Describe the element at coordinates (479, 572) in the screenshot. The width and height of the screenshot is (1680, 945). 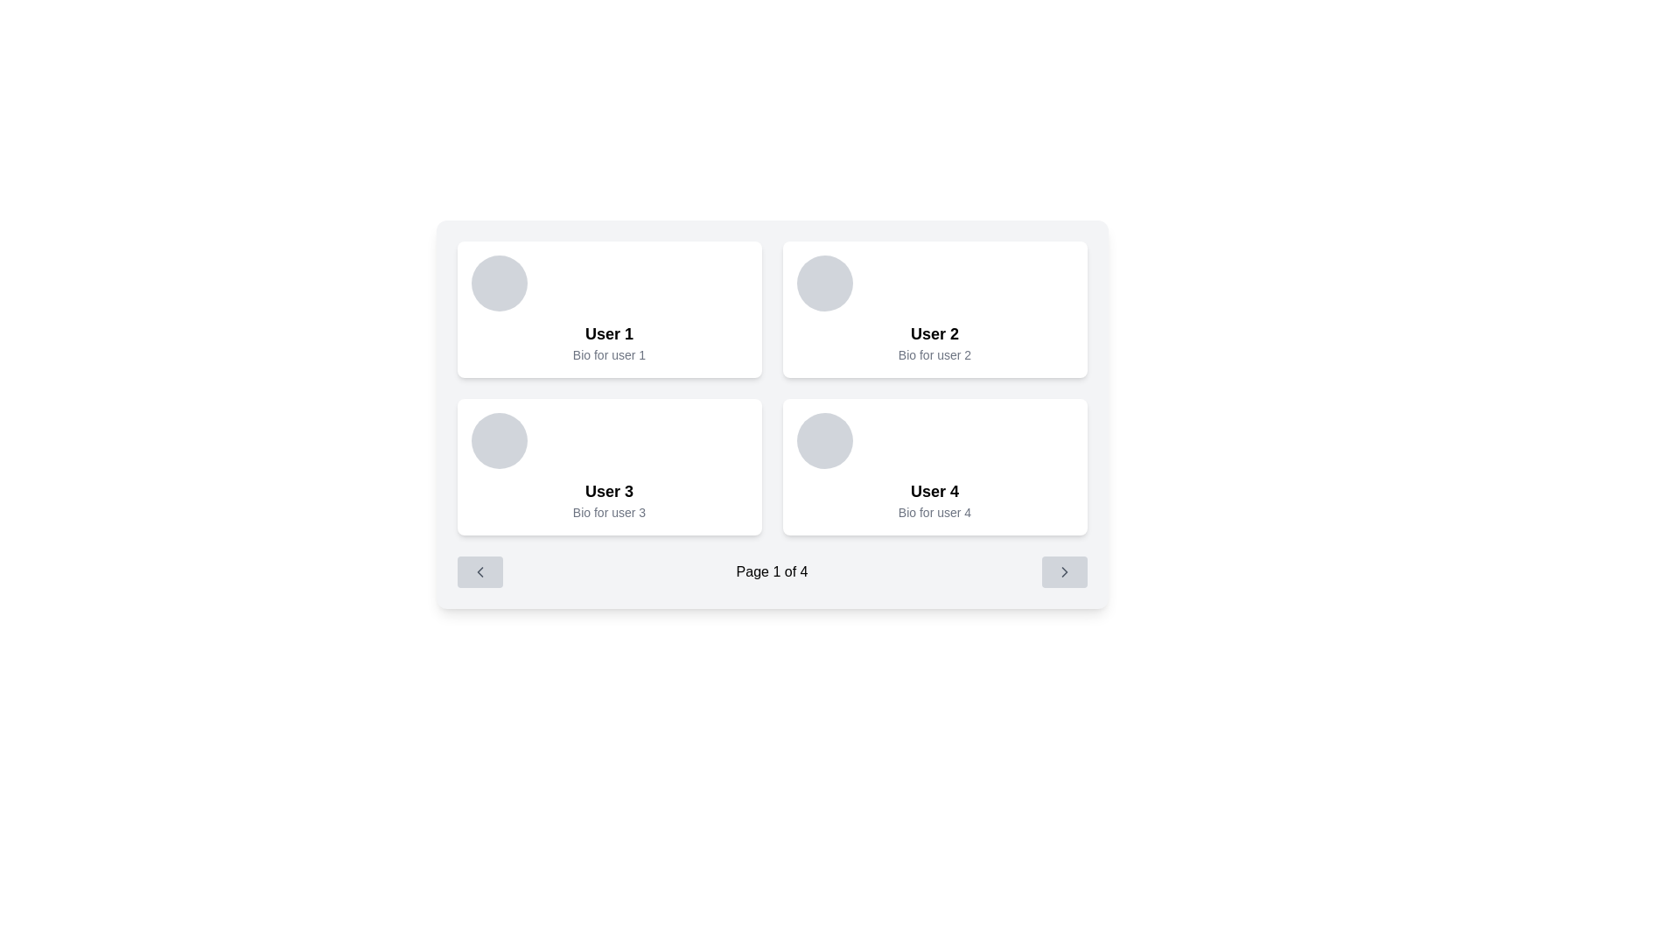
I see `the left-pointing chevron icon within the light grey rounded rectangular button at the bottom left of the interface` at that location.